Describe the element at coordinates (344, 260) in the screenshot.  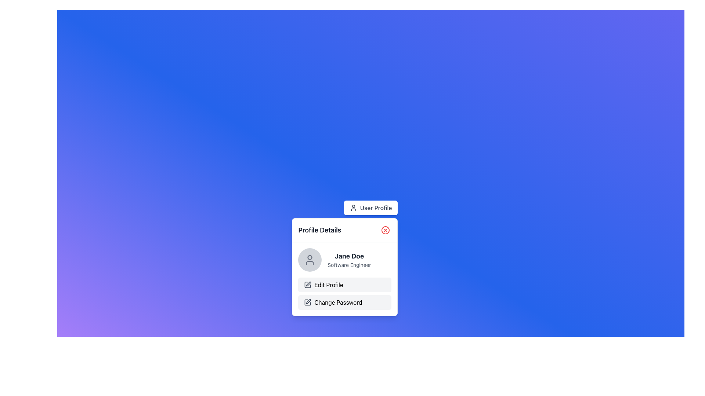
I see `the Profile Information Display element, which includes a circular avatar icon of a user silhouette on the left and the name 'Jane Doe' with the title 'Software Engineer' on the right` at that location.